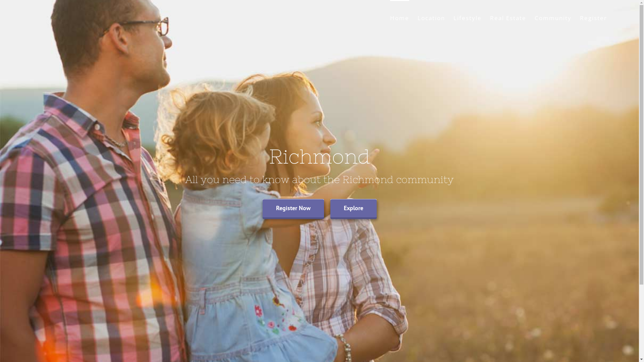  What do you see at coordinates (508, 17) in the screenshot?
I see `'Real Estate'` at bounding box center [508, 17].